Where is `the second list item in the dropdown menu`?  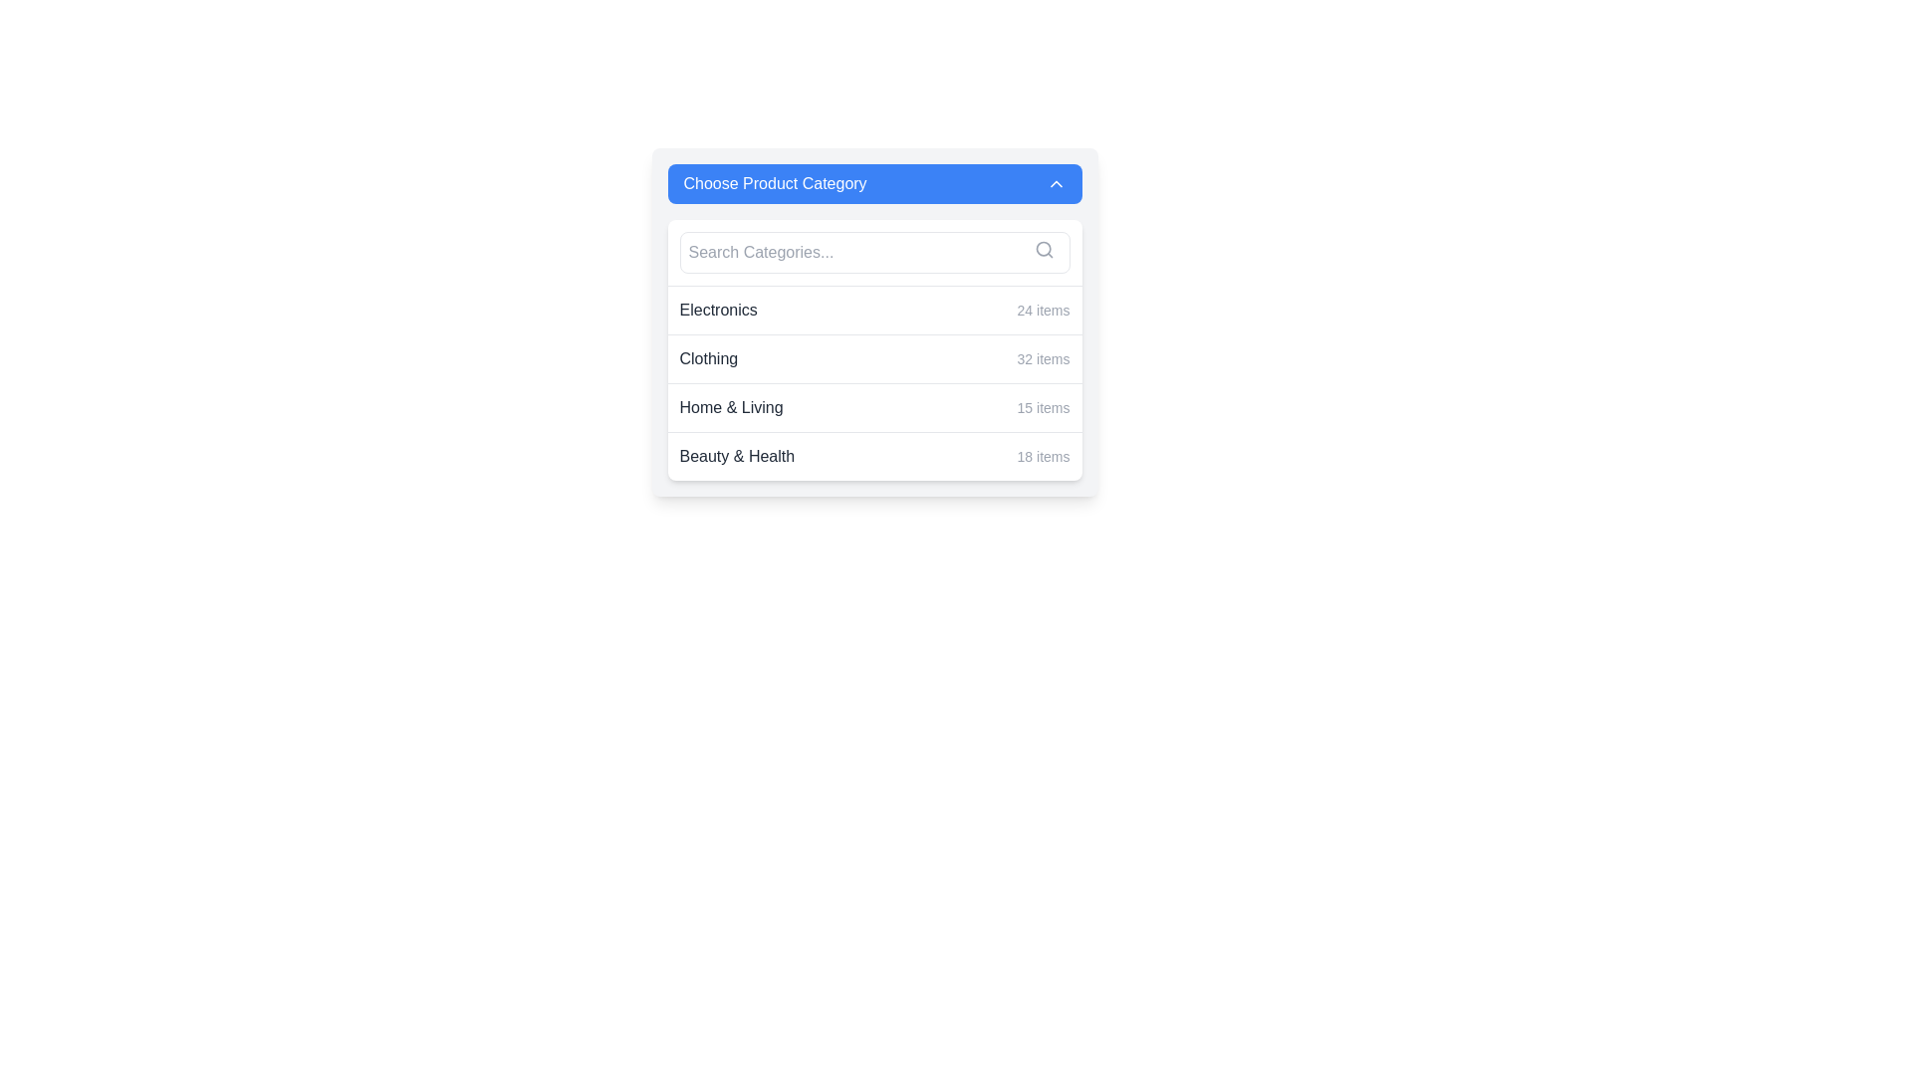 the second list item in the dropdown menu is located at coordinates (874, 358).